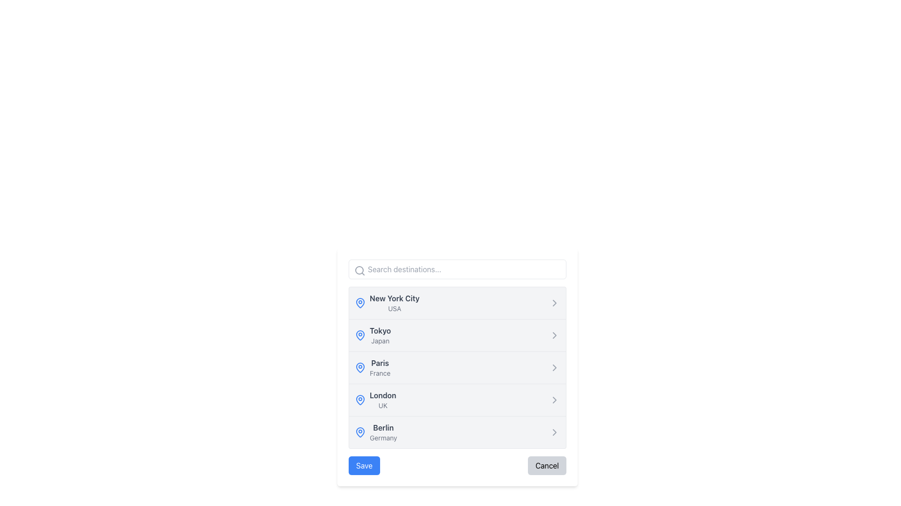 This screenshot has width=901, height=506. What do you see at coordinates (360, 335) in the screenshot?
I see `the blue map pin icon located to the far left of the text 'Tokyo', which is vertically aligned with it and slightly above the text 'Japan'` at bounding box center [360, 335].